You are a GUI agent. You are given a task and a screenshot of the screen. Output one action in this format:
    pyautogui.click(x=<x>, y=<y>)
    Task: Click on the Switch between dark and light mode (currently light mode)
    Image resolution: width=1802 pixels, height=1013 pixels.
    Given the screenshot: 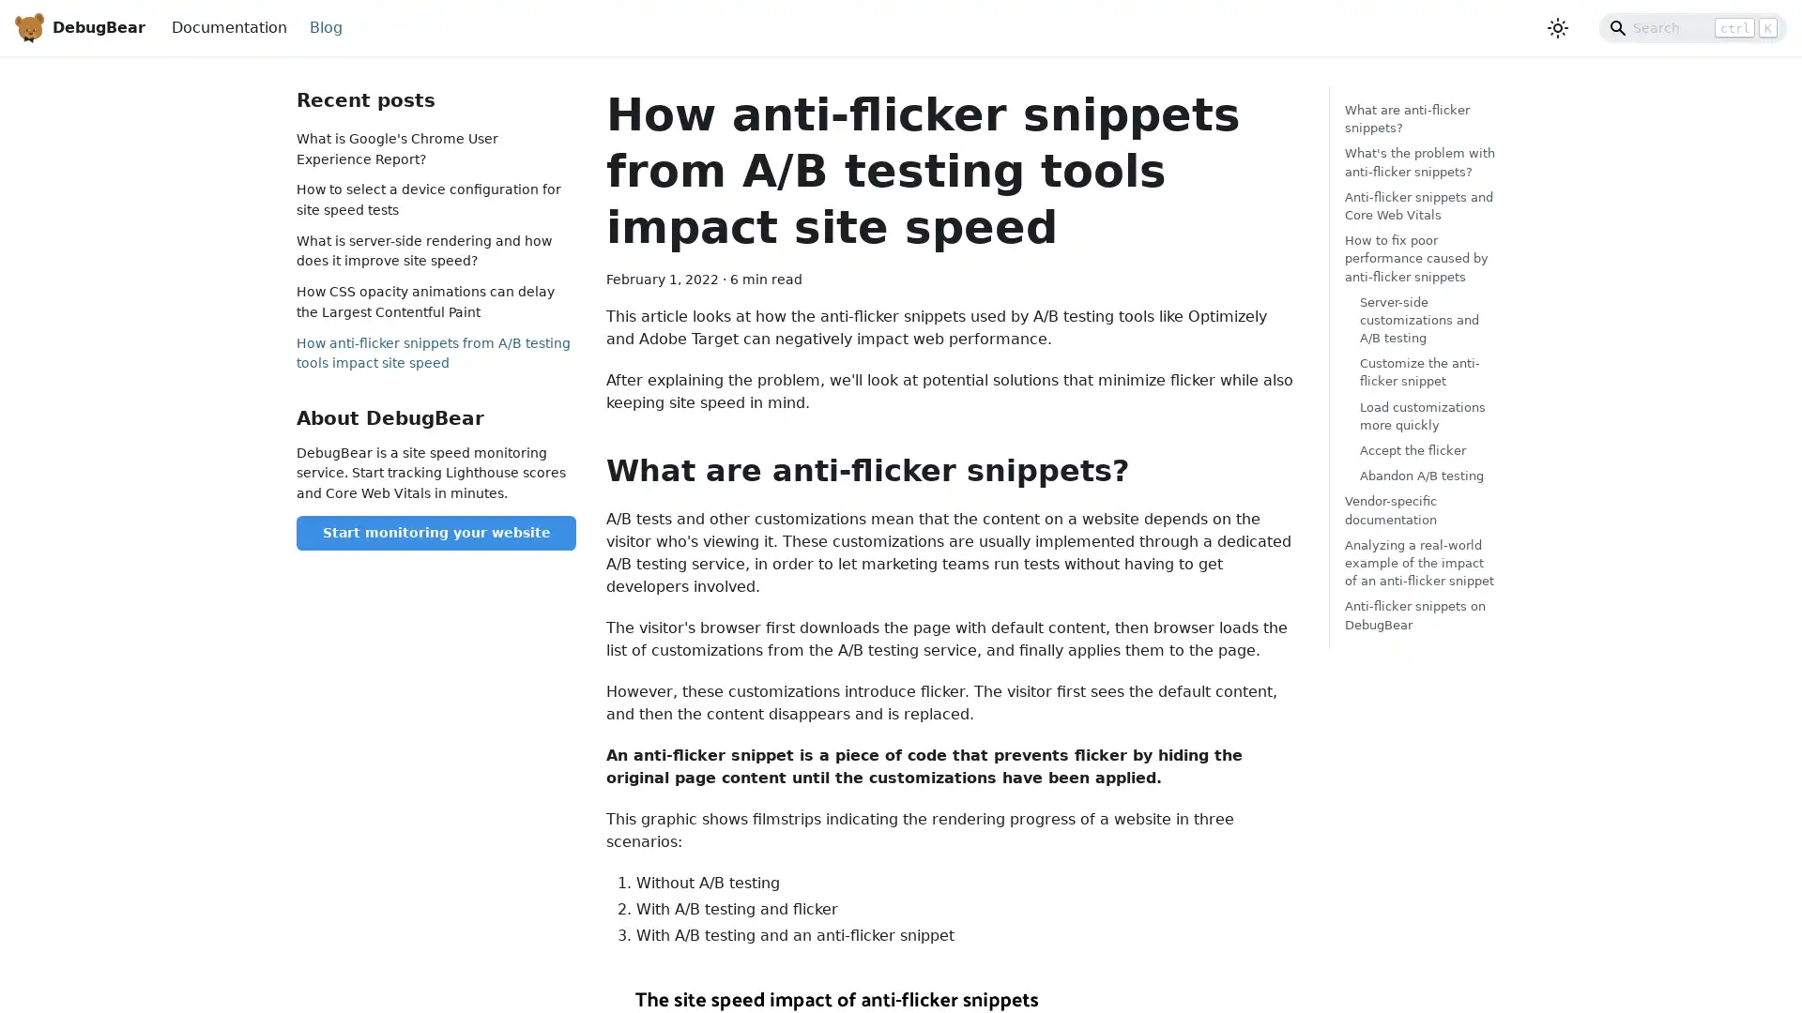 What is the action you would take?
    pyautogui.click(x=1558, y=28)
    